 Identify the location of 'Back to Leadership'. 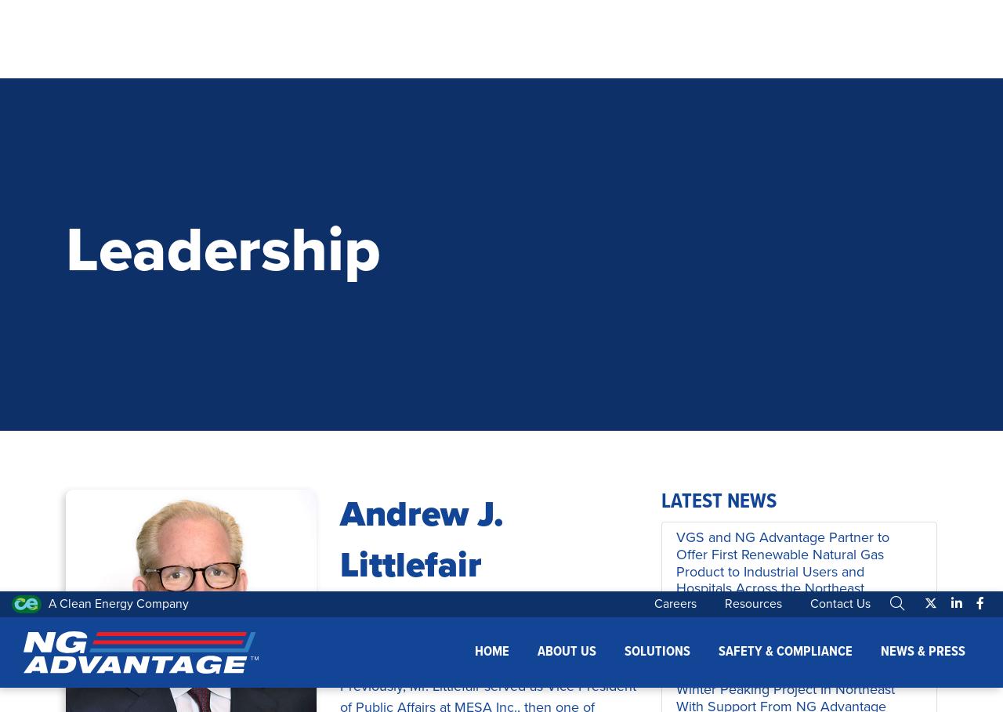
(160, 359).